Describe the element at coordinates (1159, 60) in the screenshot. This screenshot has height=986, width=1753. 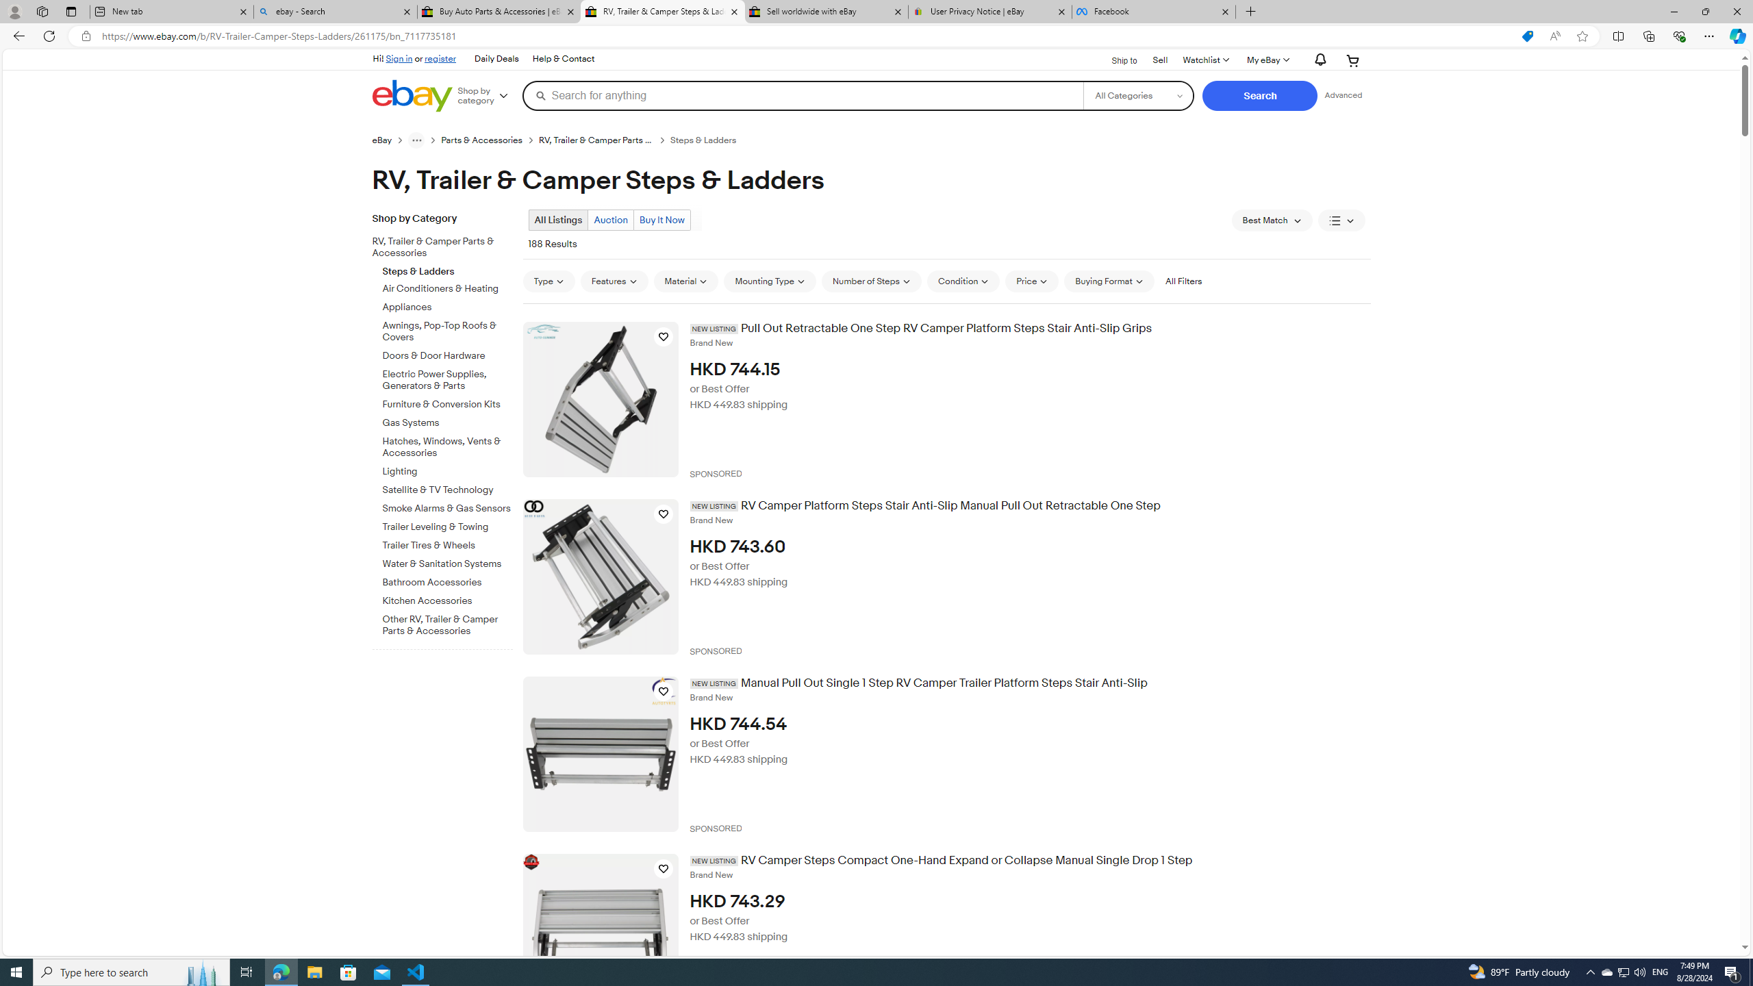
I see `'Sell'` at that location.